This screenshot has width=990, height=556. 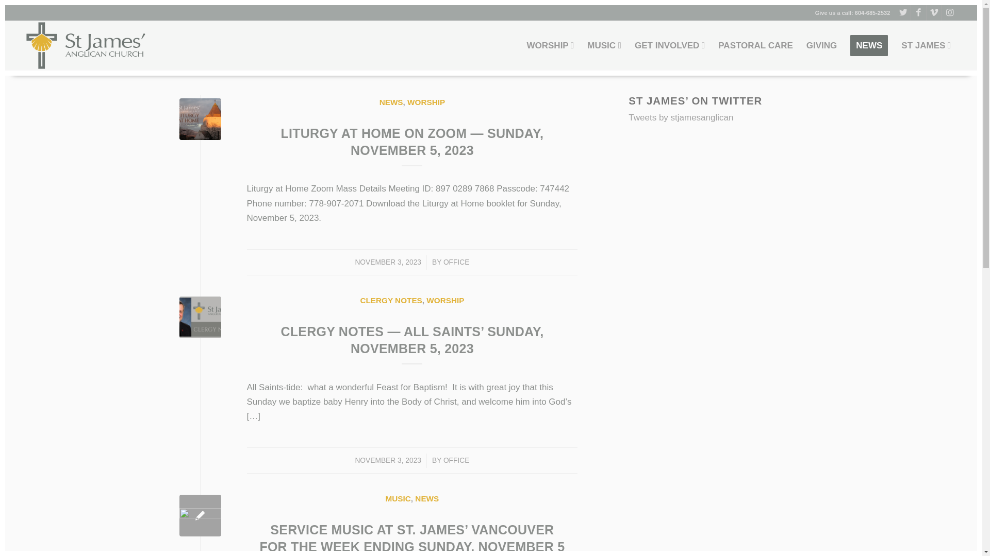 What do you see at coordinates (359, 300) in the screenshot?
I see `'CLERGY NOTES'` at bounding box center [359, 300].